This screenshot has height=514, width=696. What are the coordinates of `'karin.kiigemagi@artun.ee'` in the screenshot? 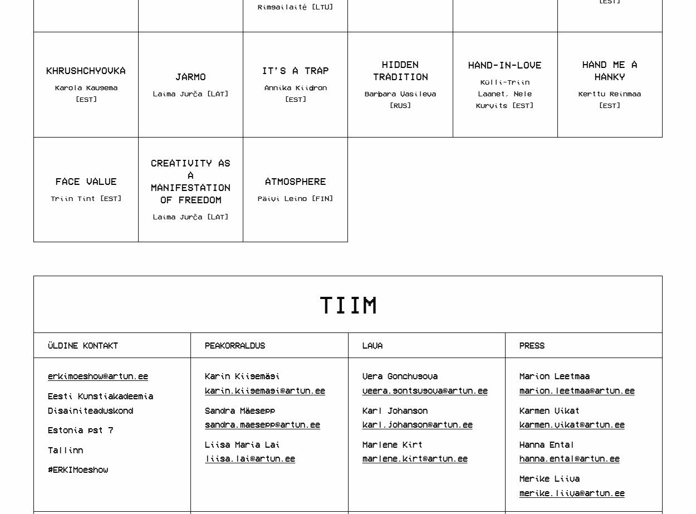 It's located at (264, 389).